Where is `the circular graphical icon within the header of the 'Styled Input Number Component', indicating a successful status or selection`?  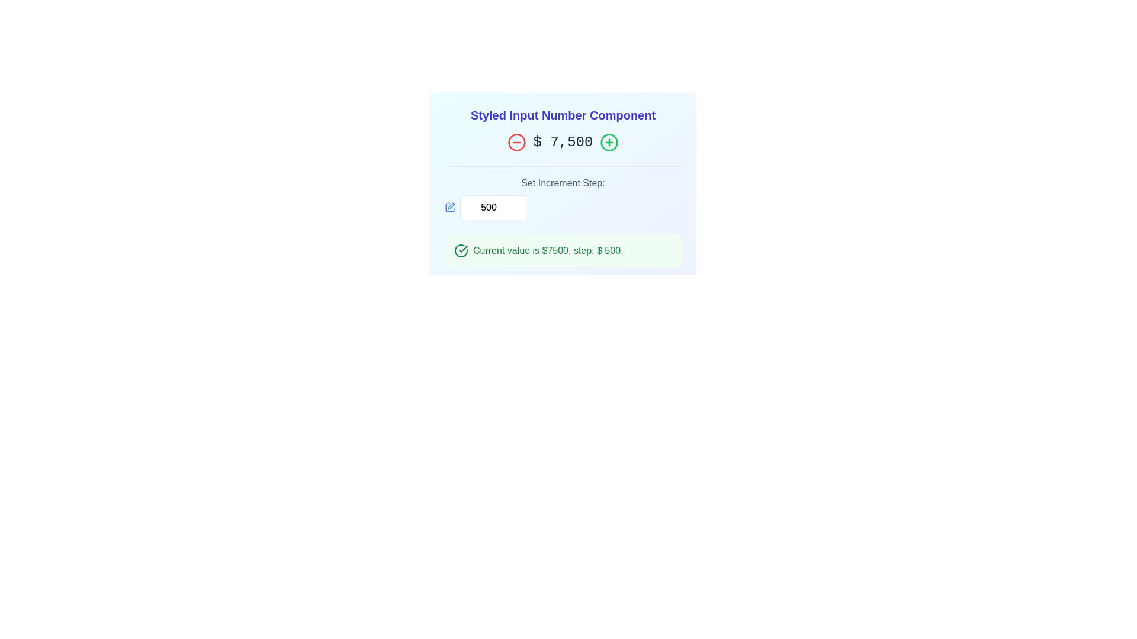
the circular graphical icon within the header of the 'Styled Input Number Component', indicating a successful status or selection is located at coordinates (460, 250).